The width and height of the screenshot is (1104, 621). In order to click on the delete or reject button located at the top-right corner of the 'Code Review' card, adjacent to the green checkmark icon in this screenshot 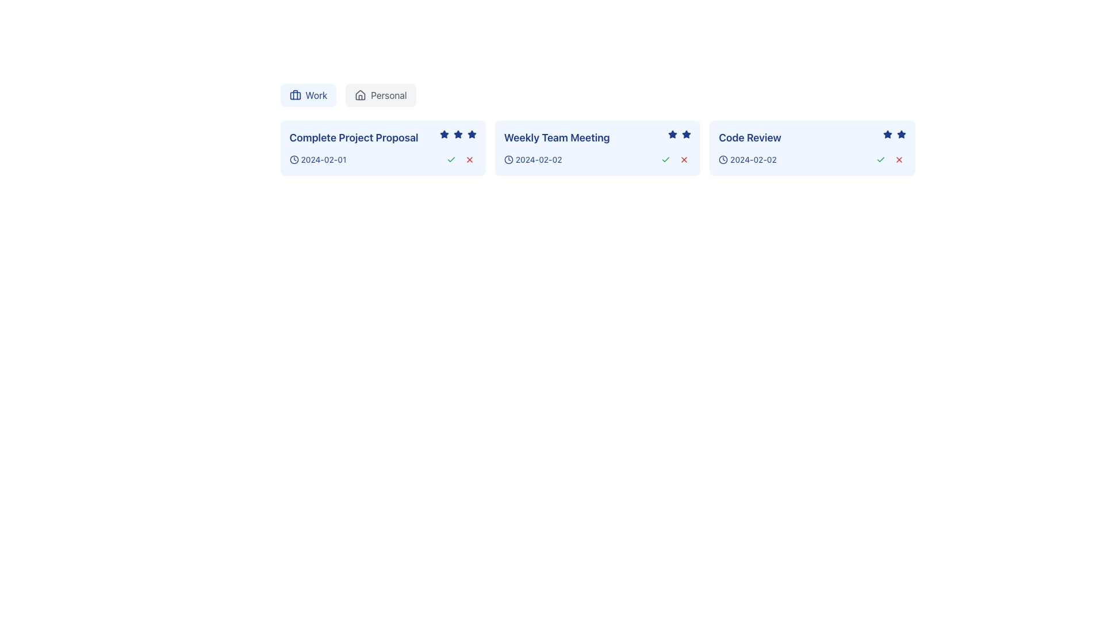, I will do `click(898, 159)`.